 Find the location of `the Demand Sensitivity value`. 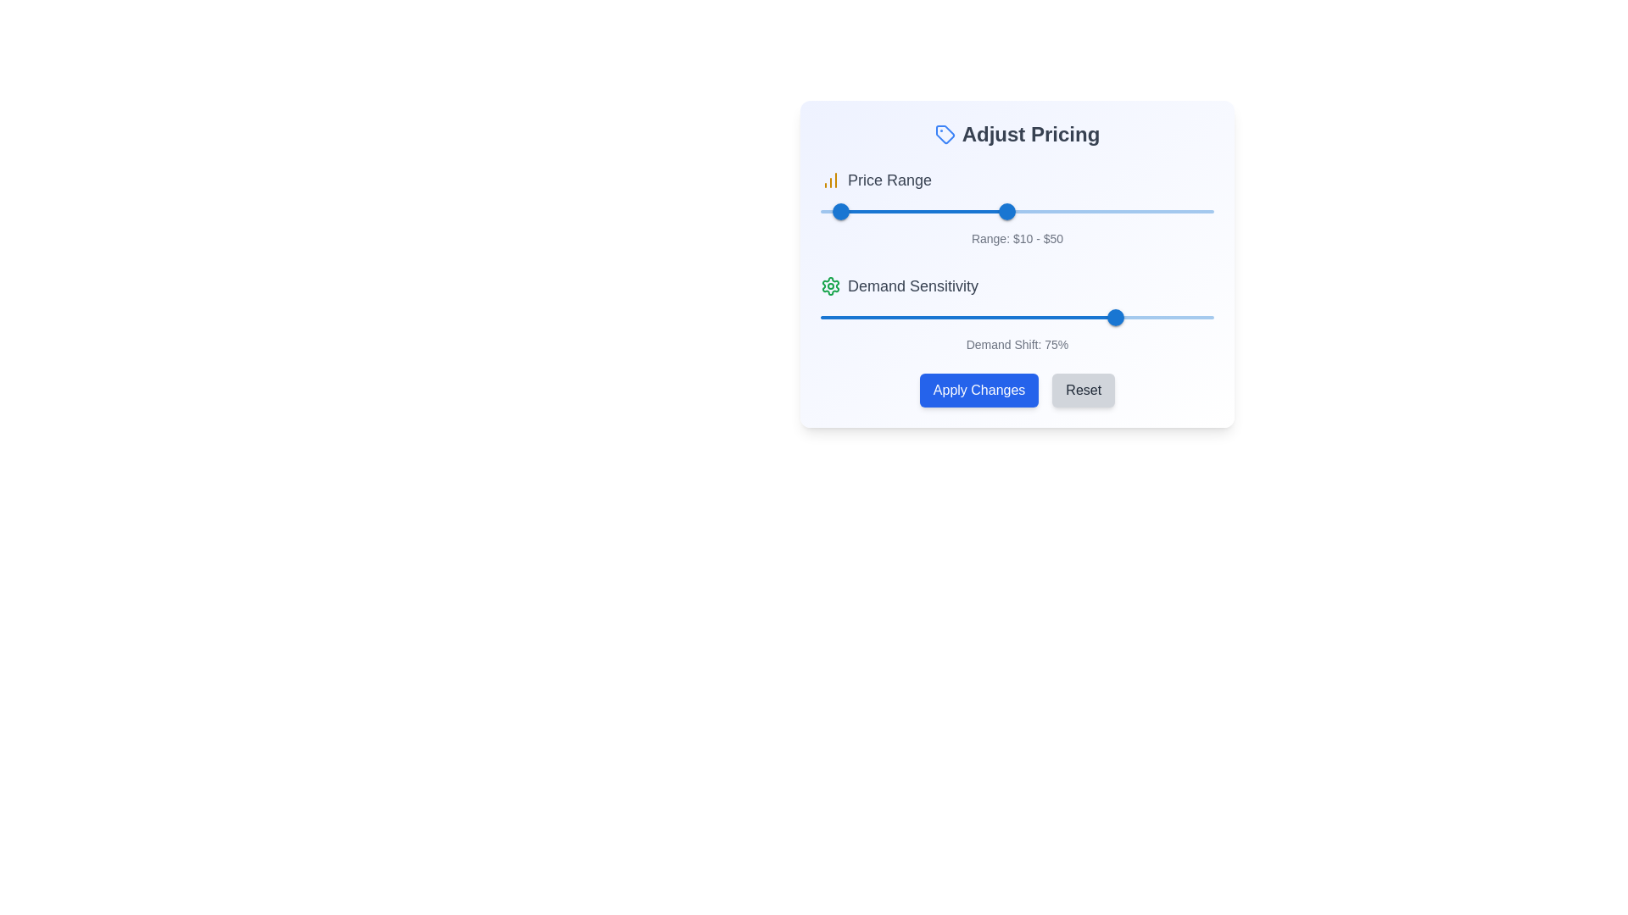

the Demand Sensitivity value is located at coordinates (1172, 317).